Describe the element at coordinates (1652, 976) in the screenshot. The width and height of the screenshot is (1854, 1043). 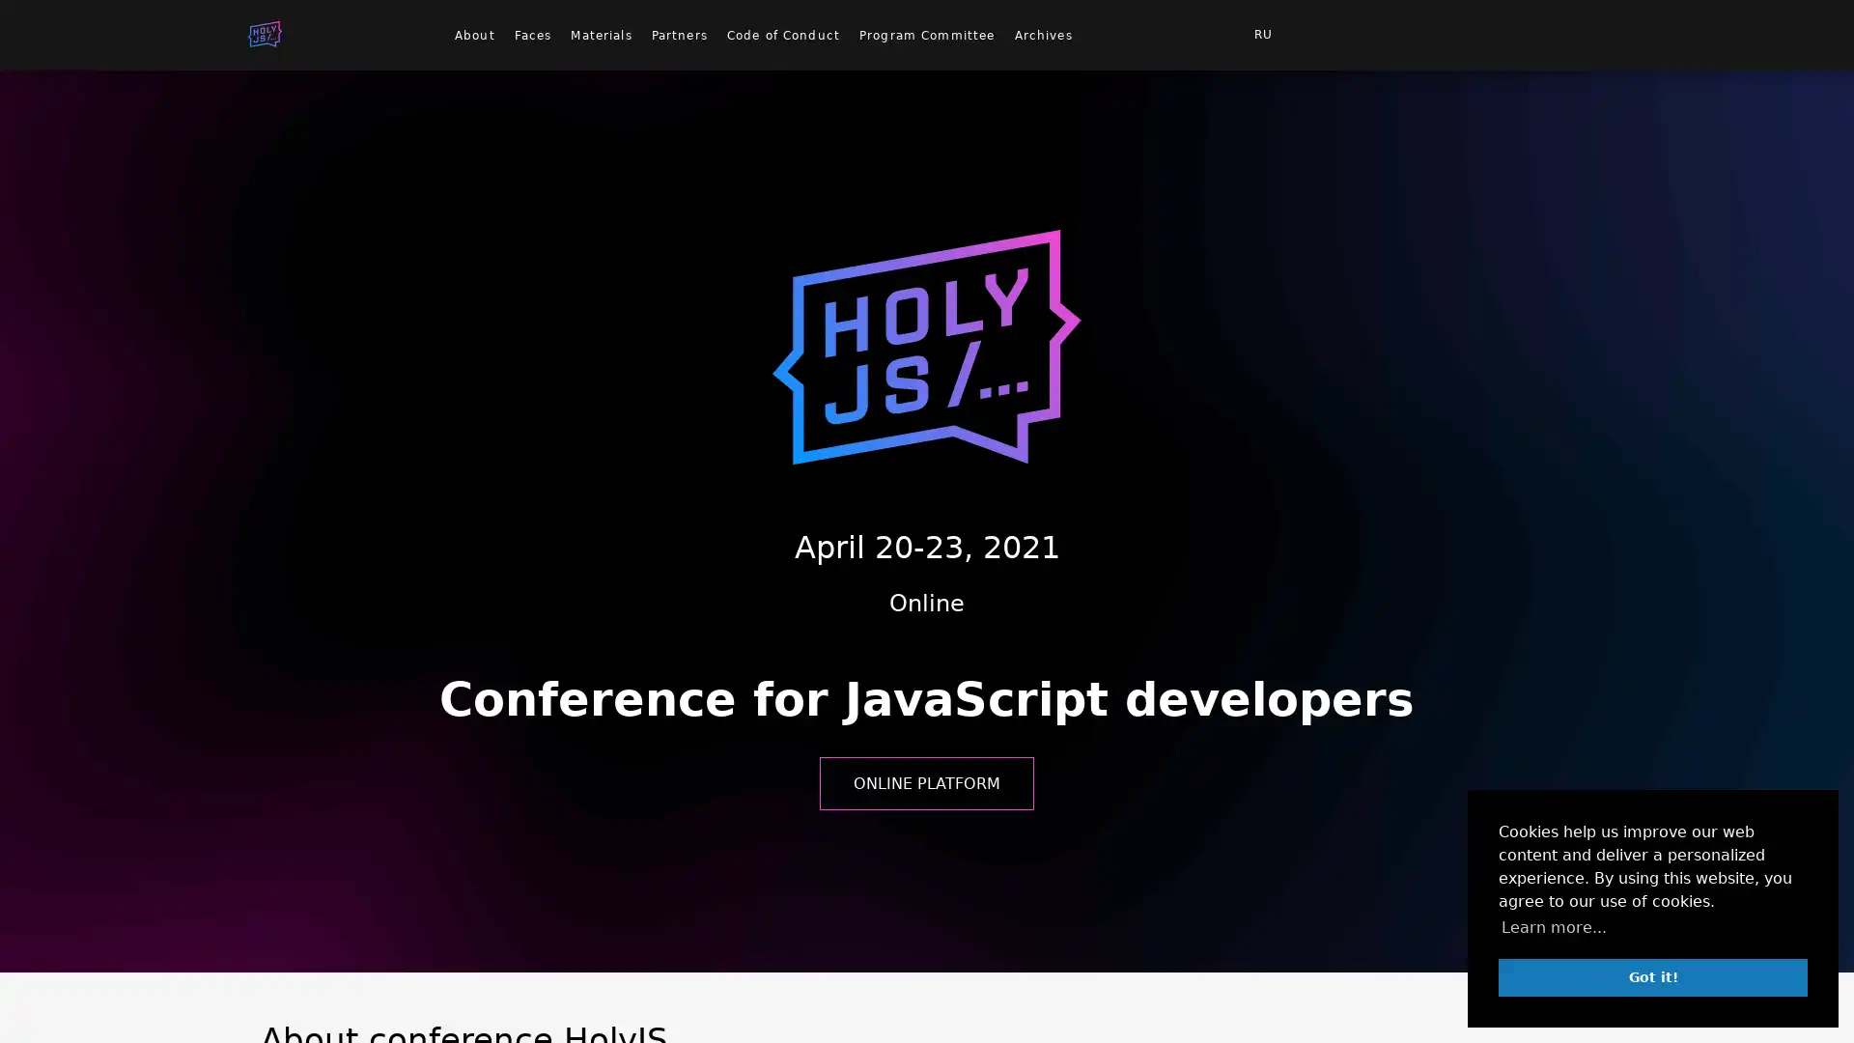
I see `dismiss cookie message` at that location.